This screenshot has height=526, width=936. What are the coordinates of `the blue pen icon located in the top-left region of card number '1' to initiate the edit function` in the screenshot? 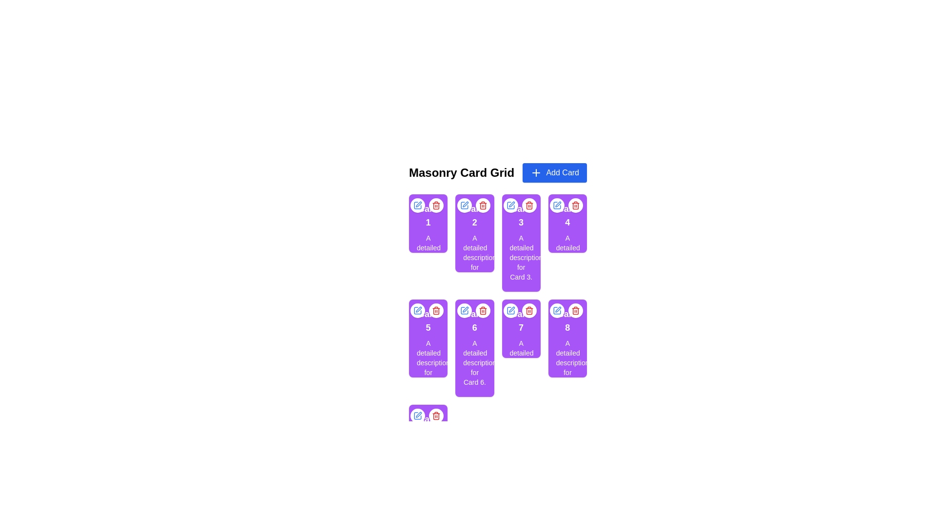 It's located at (511, 309).